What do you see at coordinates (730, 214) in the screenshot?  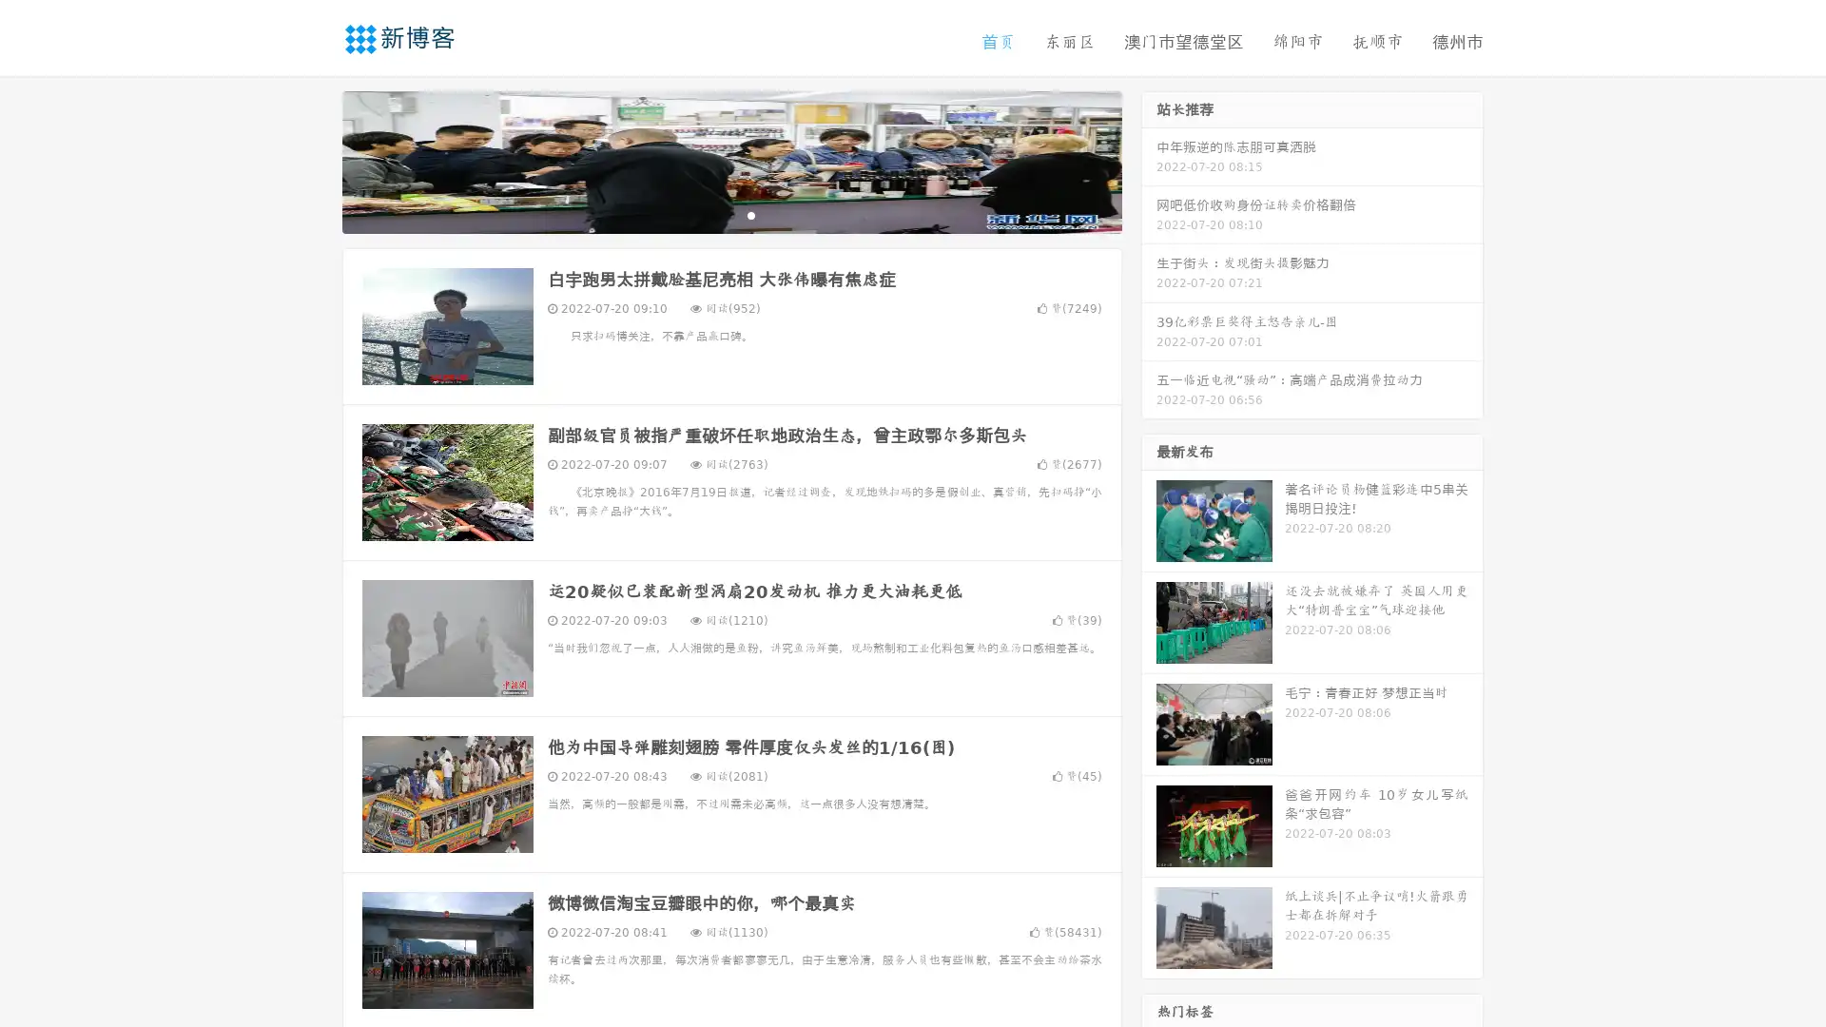 I see `Go to slide 2` at bounding box center [730, 214].